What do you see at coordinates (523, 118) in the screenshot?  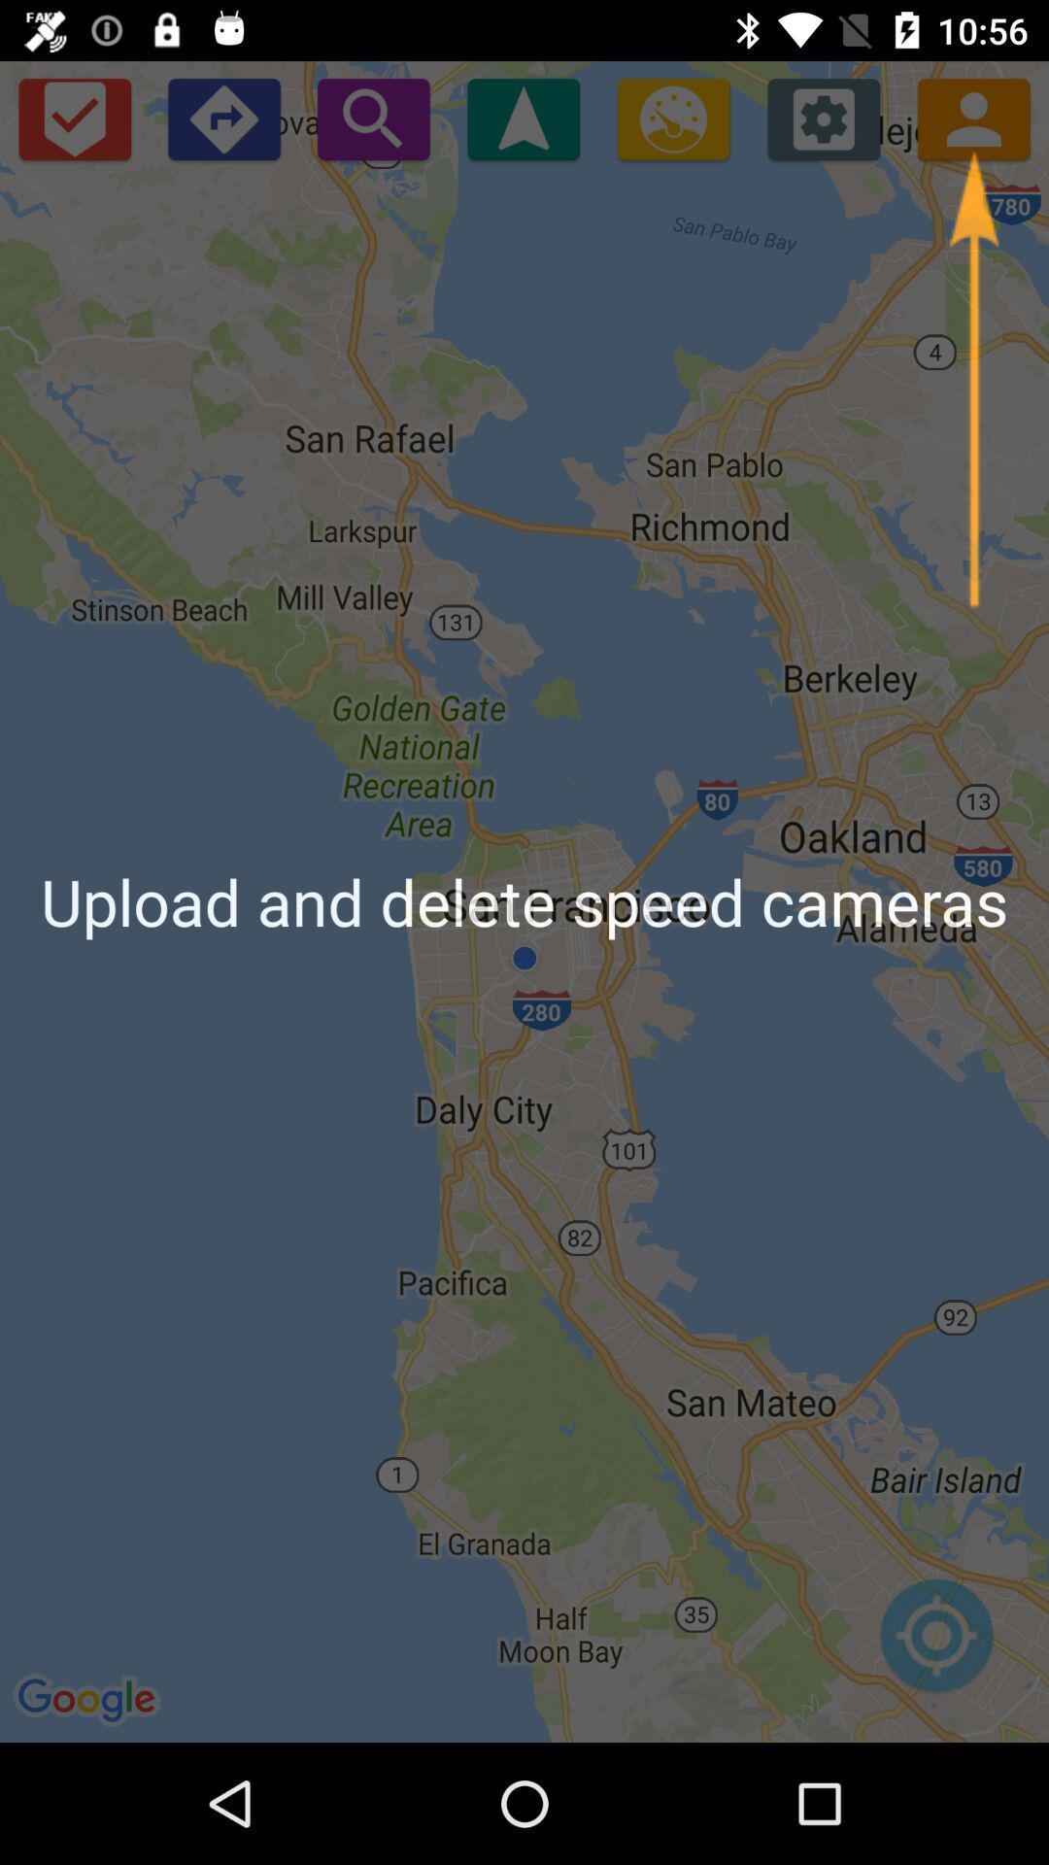 I see `upwards option` at bounding box center [523, 118].